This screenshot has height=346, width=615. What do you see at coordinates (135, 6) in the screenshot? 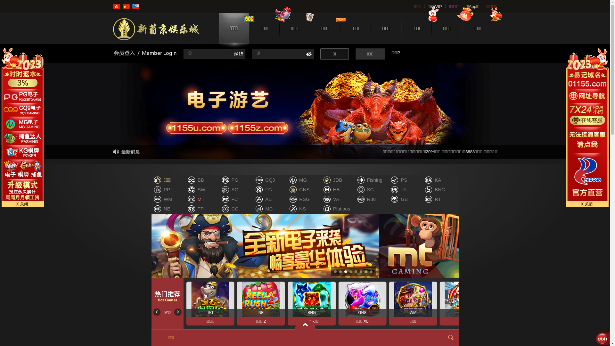
I see `'English'` at bounding box center [135, 6].